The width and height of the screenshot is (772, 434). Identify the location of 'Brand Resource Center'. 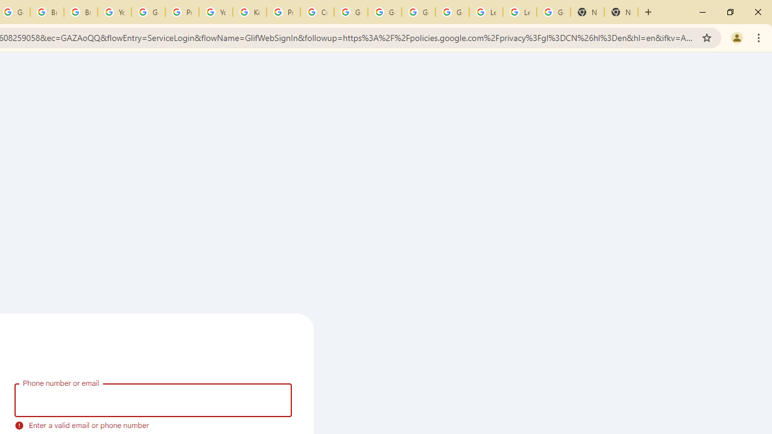
(47, 12).